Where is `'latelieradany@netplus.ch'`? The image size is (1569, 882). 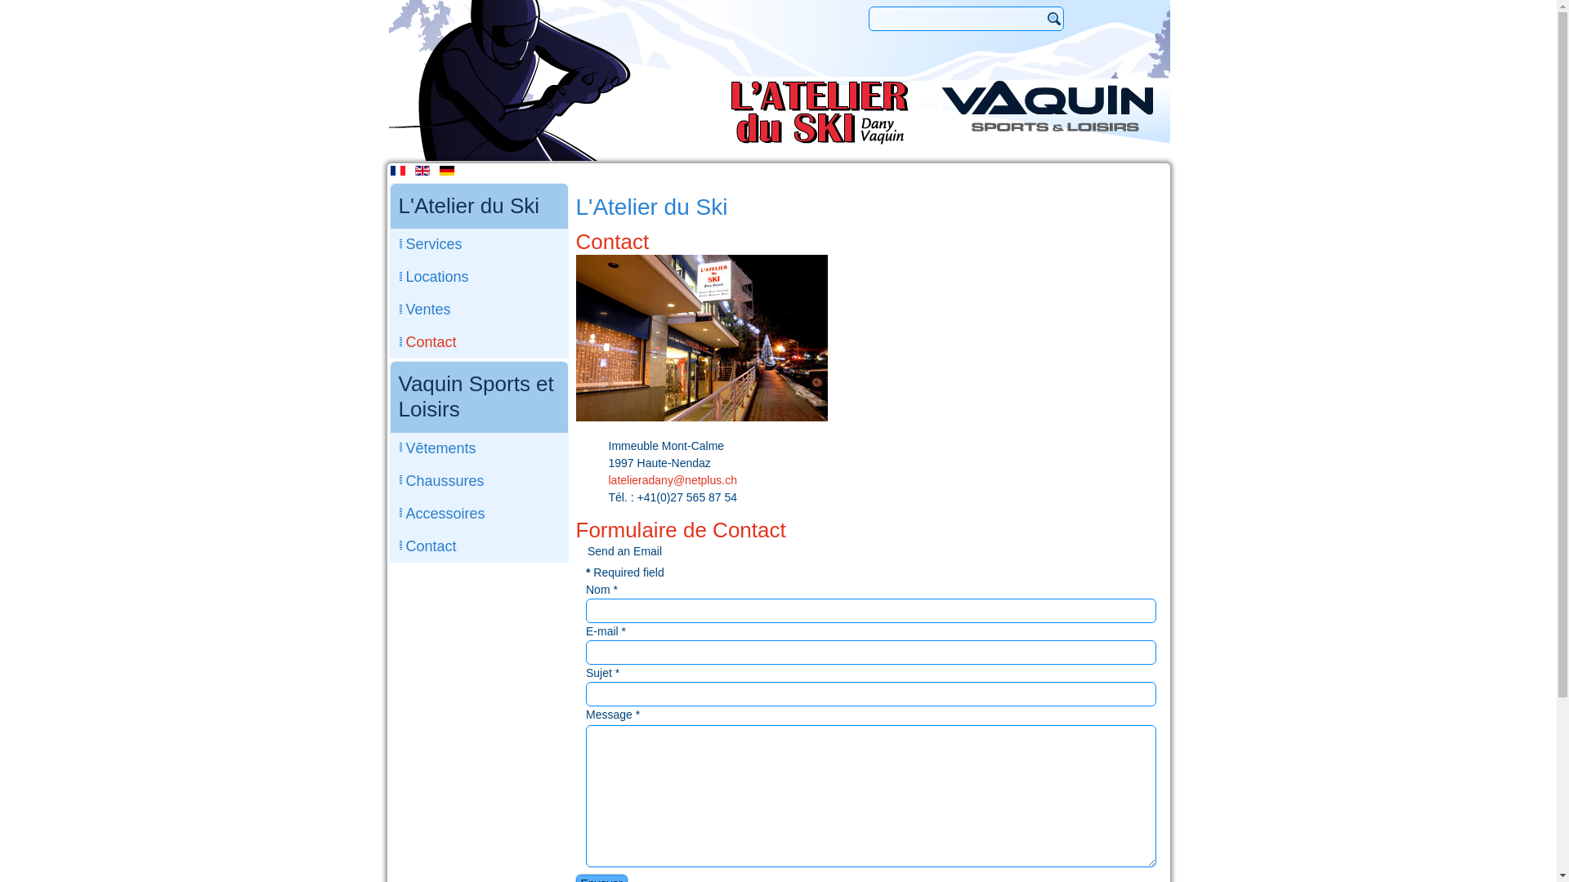 'latelieradany@netplus.ch' is located at coordinates (672, 479).